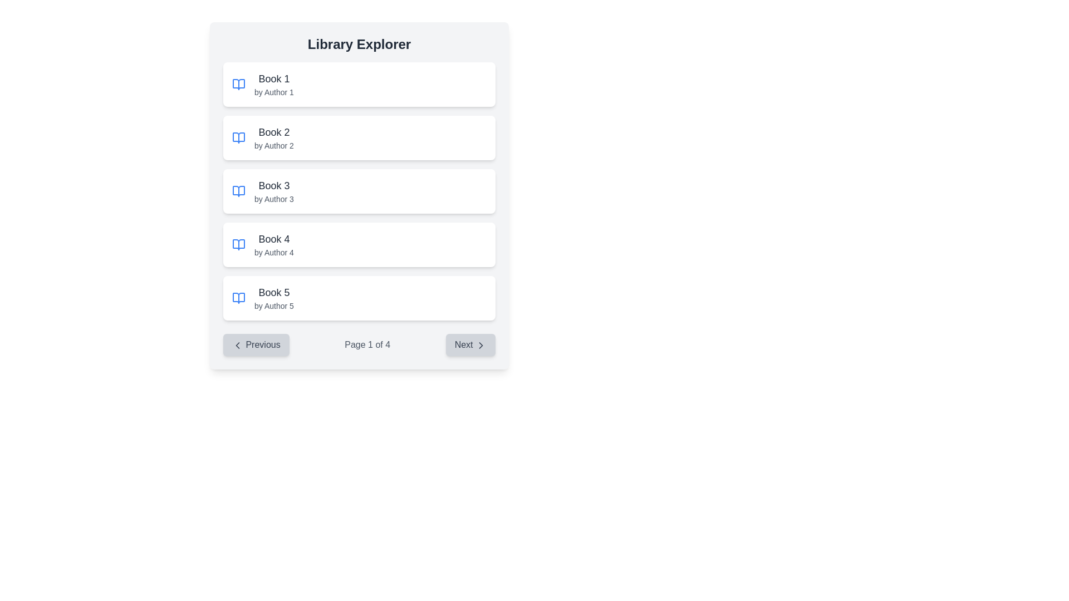  I want to click on the text display pair that shows the book title 'Book 2' and subtitle 'by Author 2', which is located in the second row of the library interface, so click(274, 137).